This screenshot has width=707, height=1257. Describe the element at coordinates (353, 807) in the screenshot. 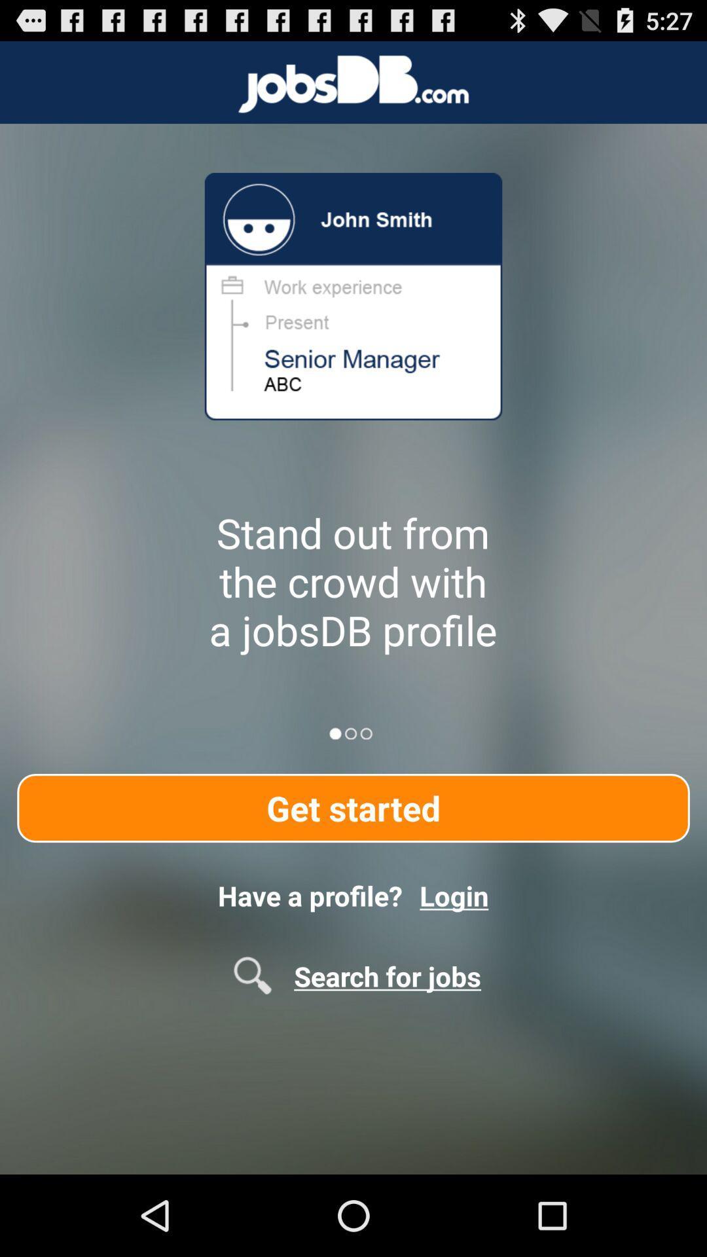

I see `the get started icon` at that location.